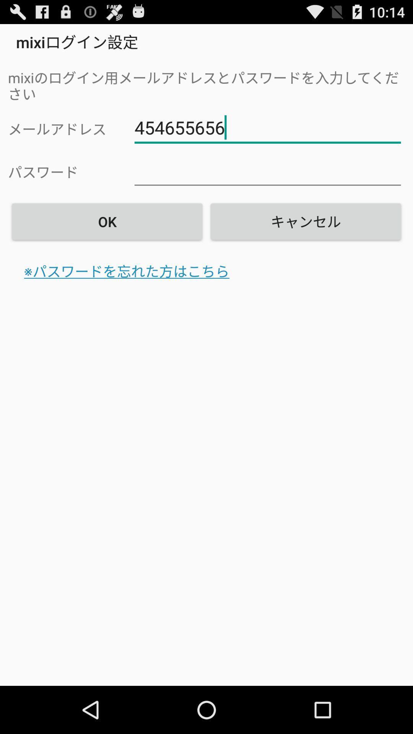 The width and height of the screenshot is (413, 734). I want to click on the icon on the left, so click(126, 271).